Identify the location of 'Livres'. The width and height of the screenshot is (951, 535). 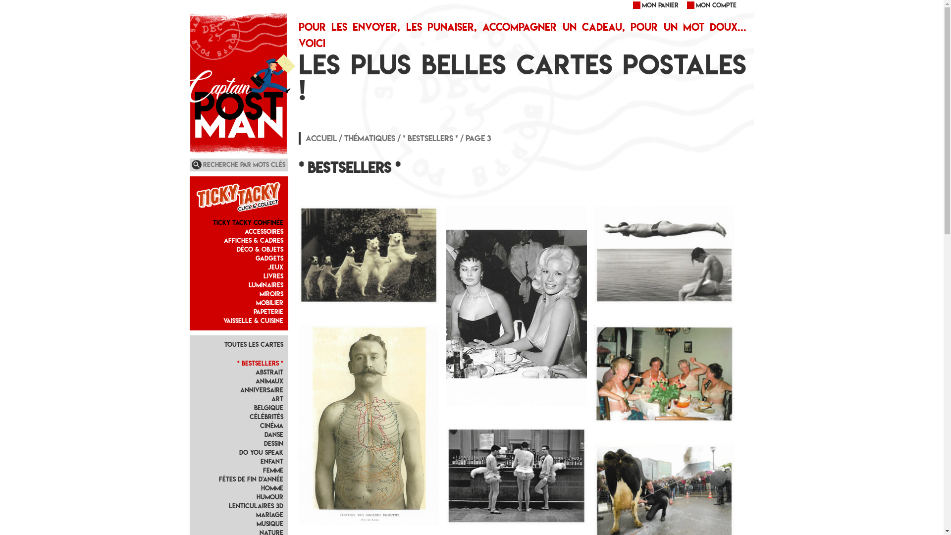
(273, 276).